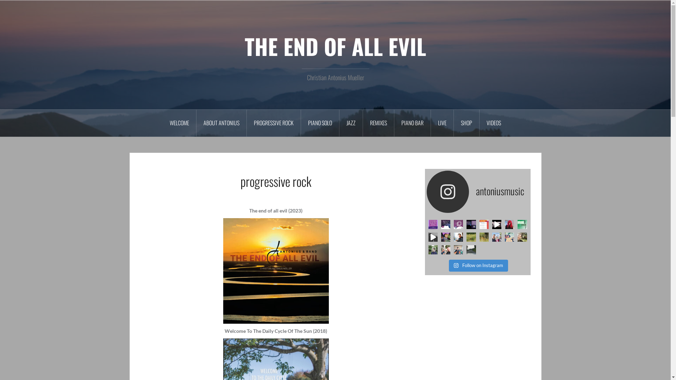  Describe the element at coordinates (479, 123) in the screenshot. I see `'VIDEOS'` at that location.